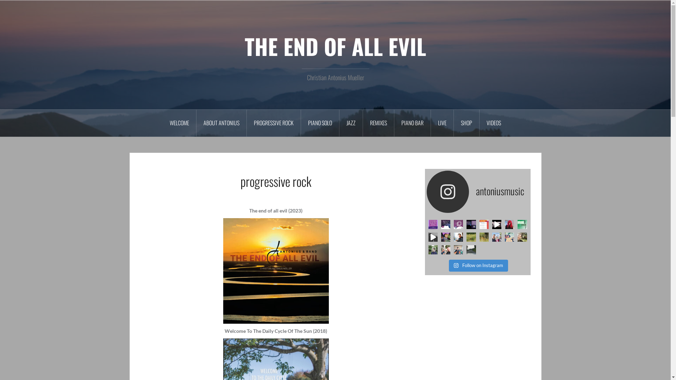  Describe the element at coordinates (479, 123) in the screenshot. I see `'VIDEOS'` at that location.